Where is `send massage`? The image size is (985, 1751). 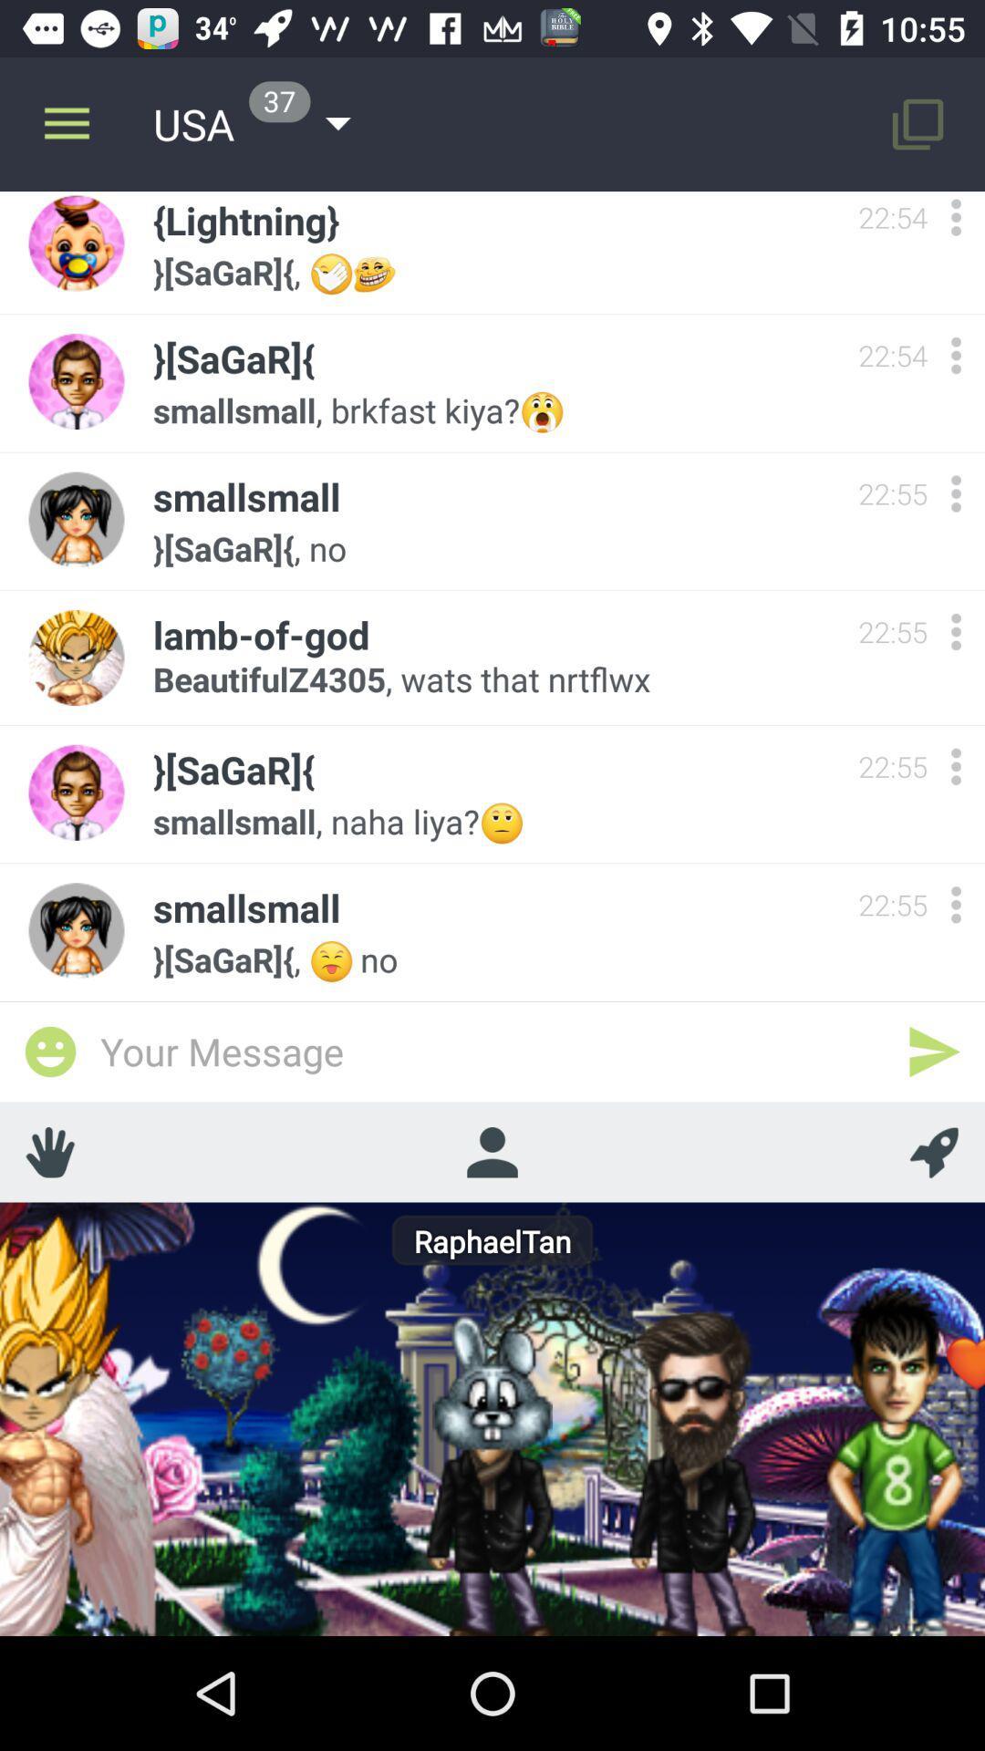 send massage is located at coordinates (934, 1052).